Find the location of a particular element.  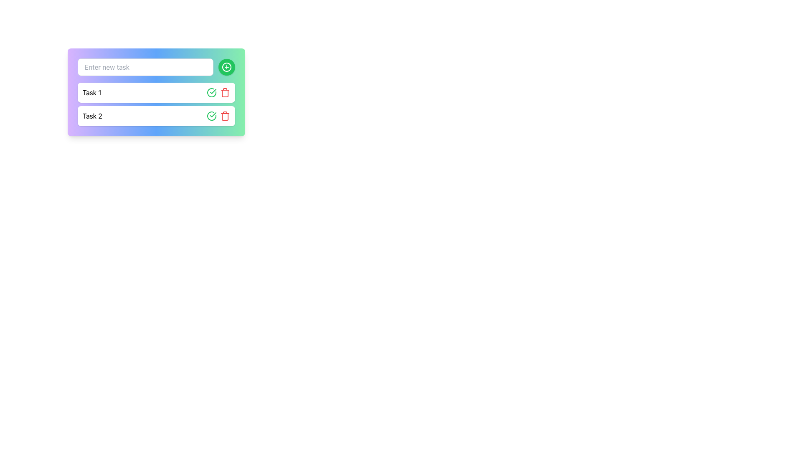

the first list item labeled 'Task 1' to trigger hover effects is located at coordinates (156, 93).